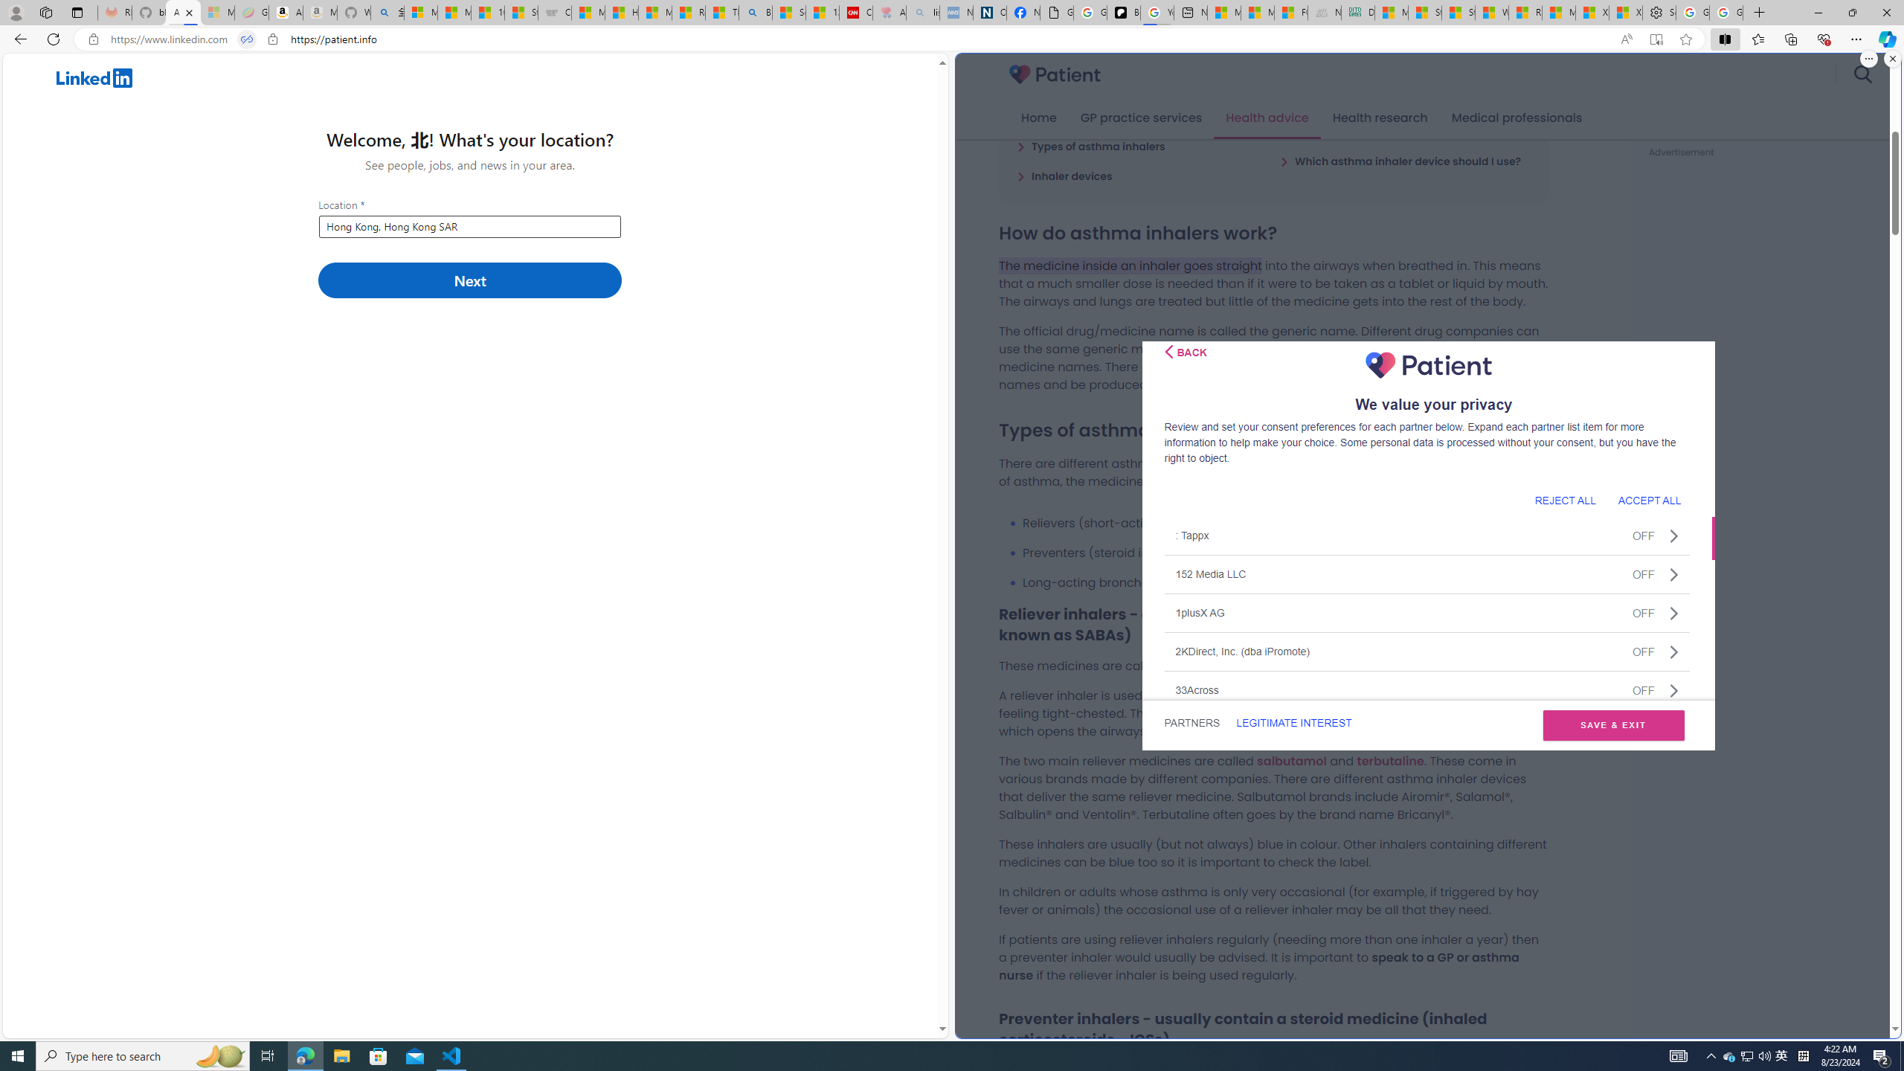 This screenshot has height=1071, width=1904. Describe the element at coordinates (1293, 723) in the screenshot. I see `'LEGITIMATE INTEREST'` at that location.